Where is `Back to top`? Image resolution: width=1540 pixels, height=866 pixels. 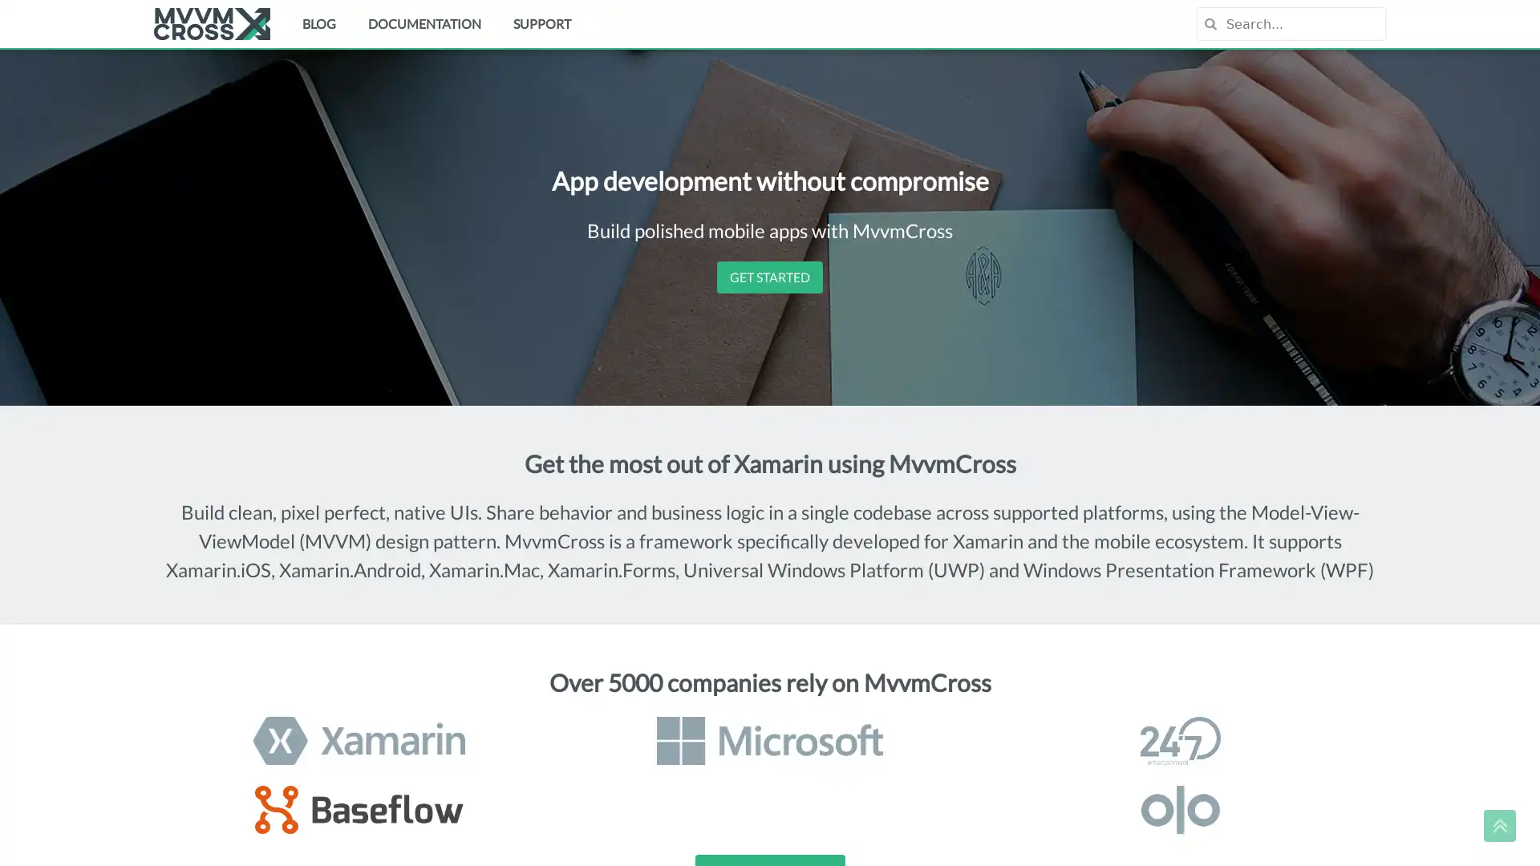
Back to top is located at coordinates (1499, 825).